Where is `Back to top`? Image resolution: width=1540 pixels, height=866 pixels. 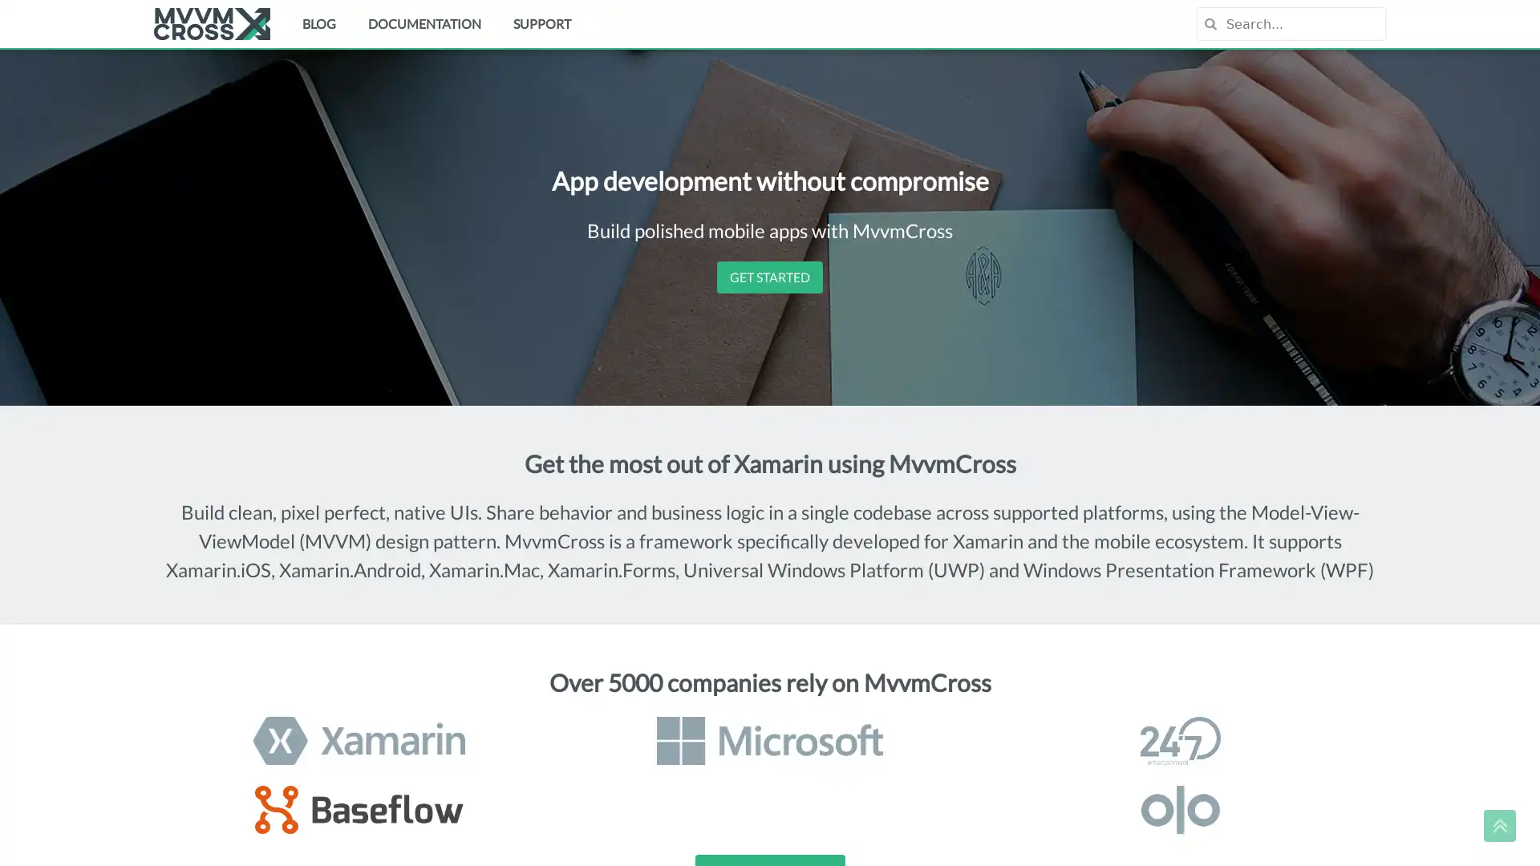
Back to top is located at coordinates (1499, 825).